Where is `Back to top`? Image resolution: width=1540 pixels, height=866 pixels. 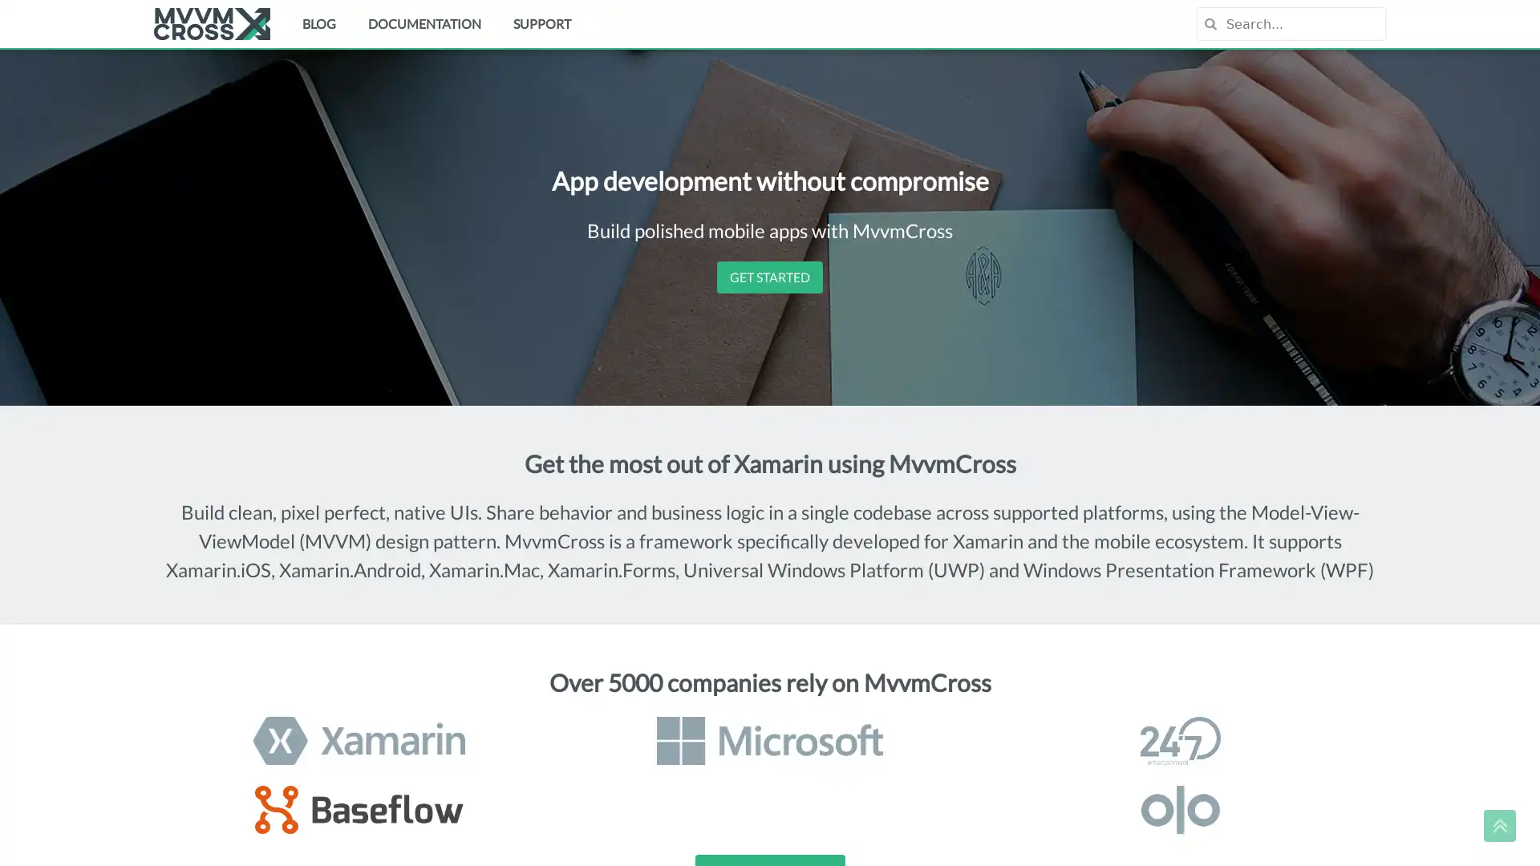
Back to top is located at coordinates (1499, 825).